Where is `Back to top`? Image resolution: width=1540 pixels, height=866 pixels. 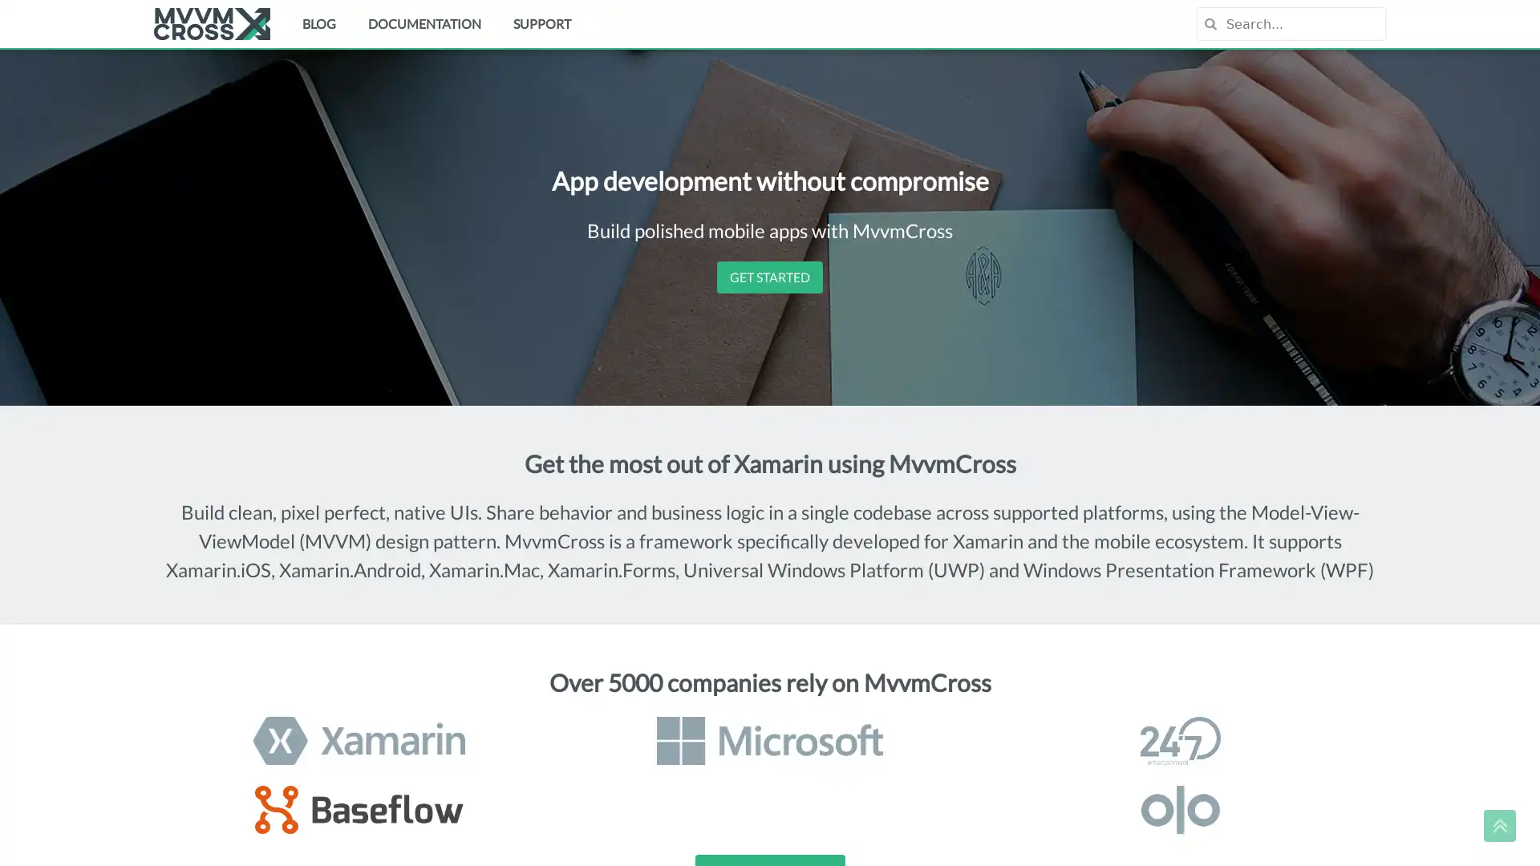
Back to top is located at coordinates (1499, 825).